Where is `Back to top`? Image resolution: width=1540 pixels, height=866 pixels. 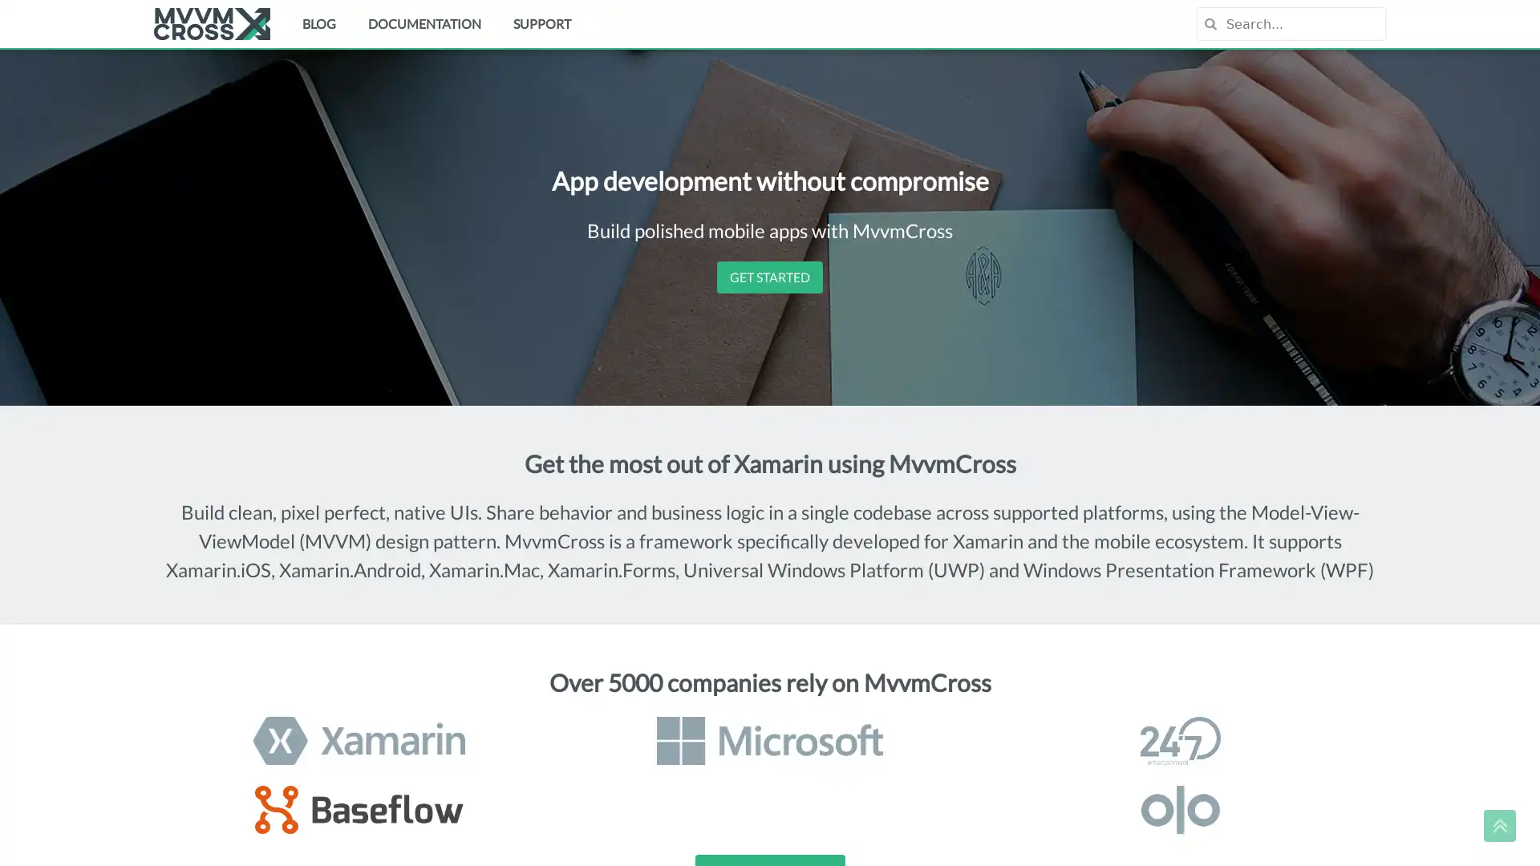
Back to top is located at coordinates (1499, 825).